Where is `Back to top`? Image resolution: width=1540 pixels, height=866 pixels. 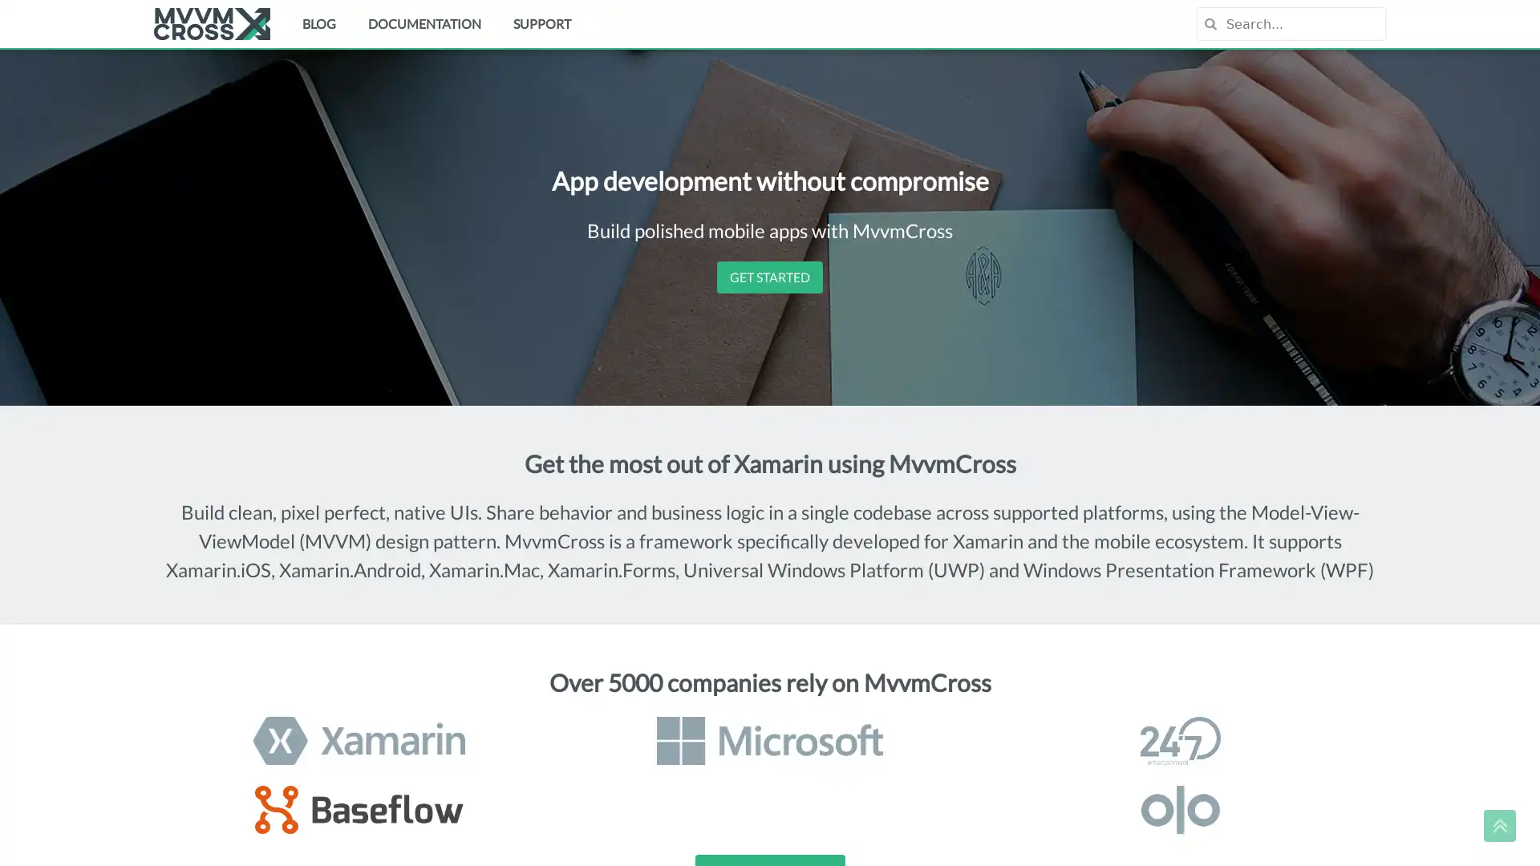
Back to top is located at coordinates (1499, 825).